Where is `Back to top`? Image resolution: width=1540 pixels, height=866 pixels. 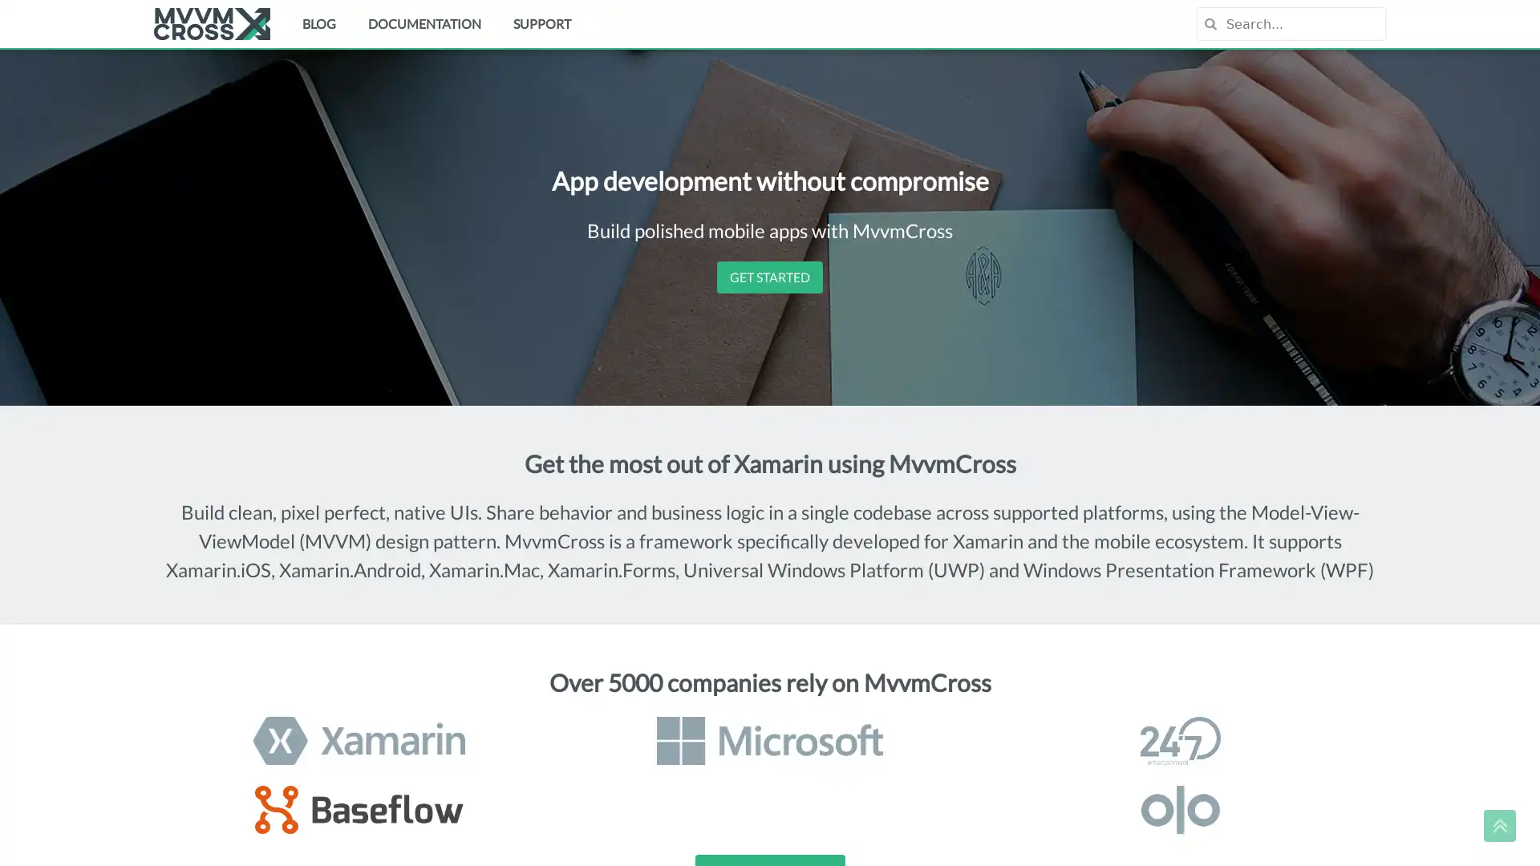
Back to top is located at coordinates (1499, 825).